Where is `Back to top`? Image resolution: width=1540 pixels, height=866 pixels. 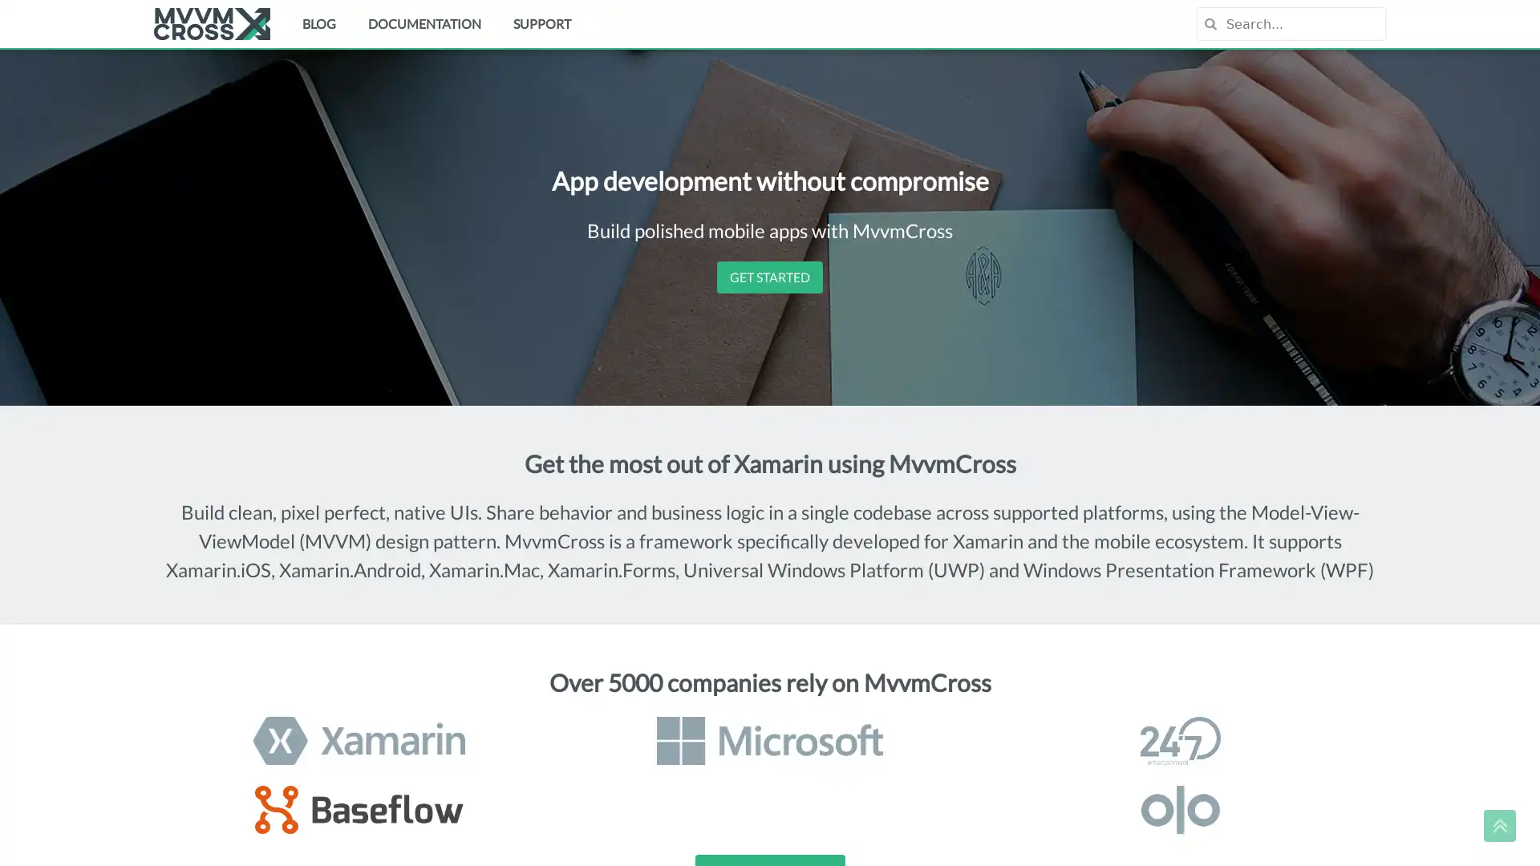
Back to top is located at coordinates (1499, 825).